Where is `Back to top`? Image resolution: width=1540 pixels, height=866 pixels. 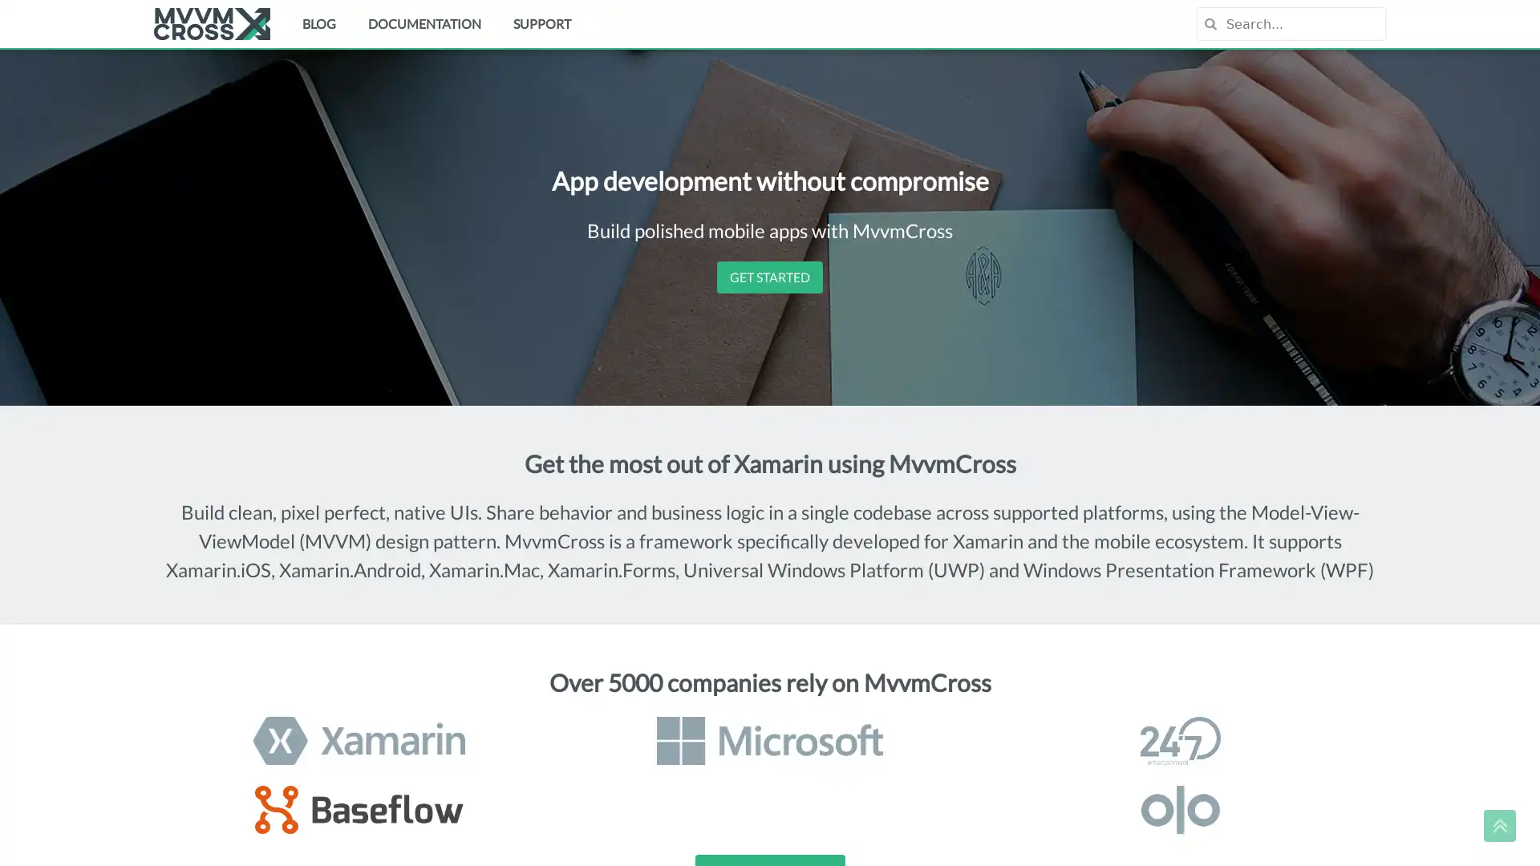
Back to top is located at coordinates (1499, 825).